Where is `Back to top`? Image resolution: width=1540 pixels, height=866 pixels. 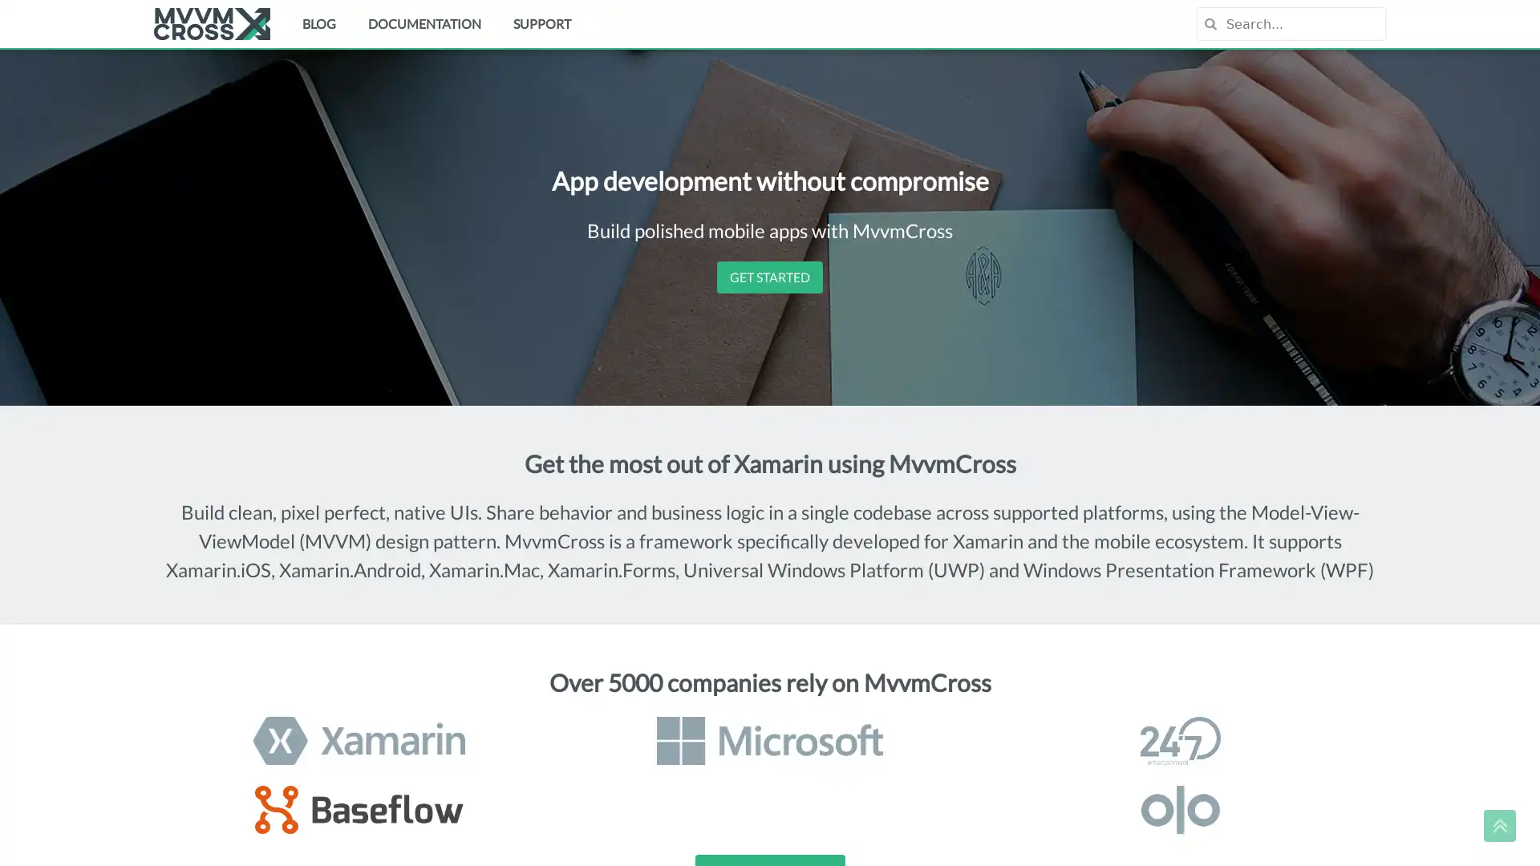
Back to top is located at coordinates (1499, 825).